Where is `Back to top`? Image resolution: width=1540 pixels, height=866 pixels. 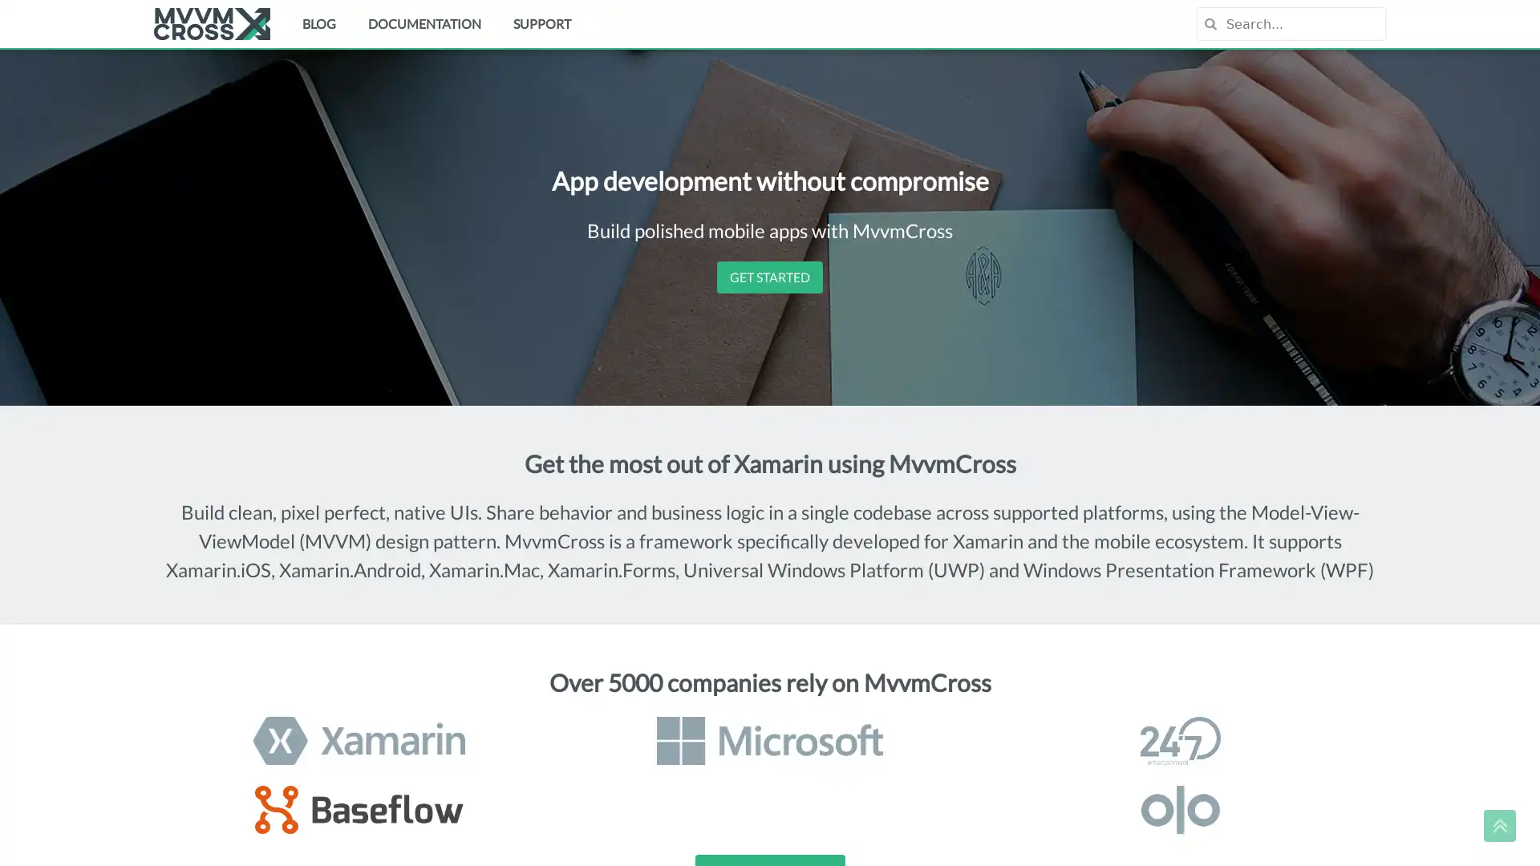
Back to top is located at coordinates (1499, 825).